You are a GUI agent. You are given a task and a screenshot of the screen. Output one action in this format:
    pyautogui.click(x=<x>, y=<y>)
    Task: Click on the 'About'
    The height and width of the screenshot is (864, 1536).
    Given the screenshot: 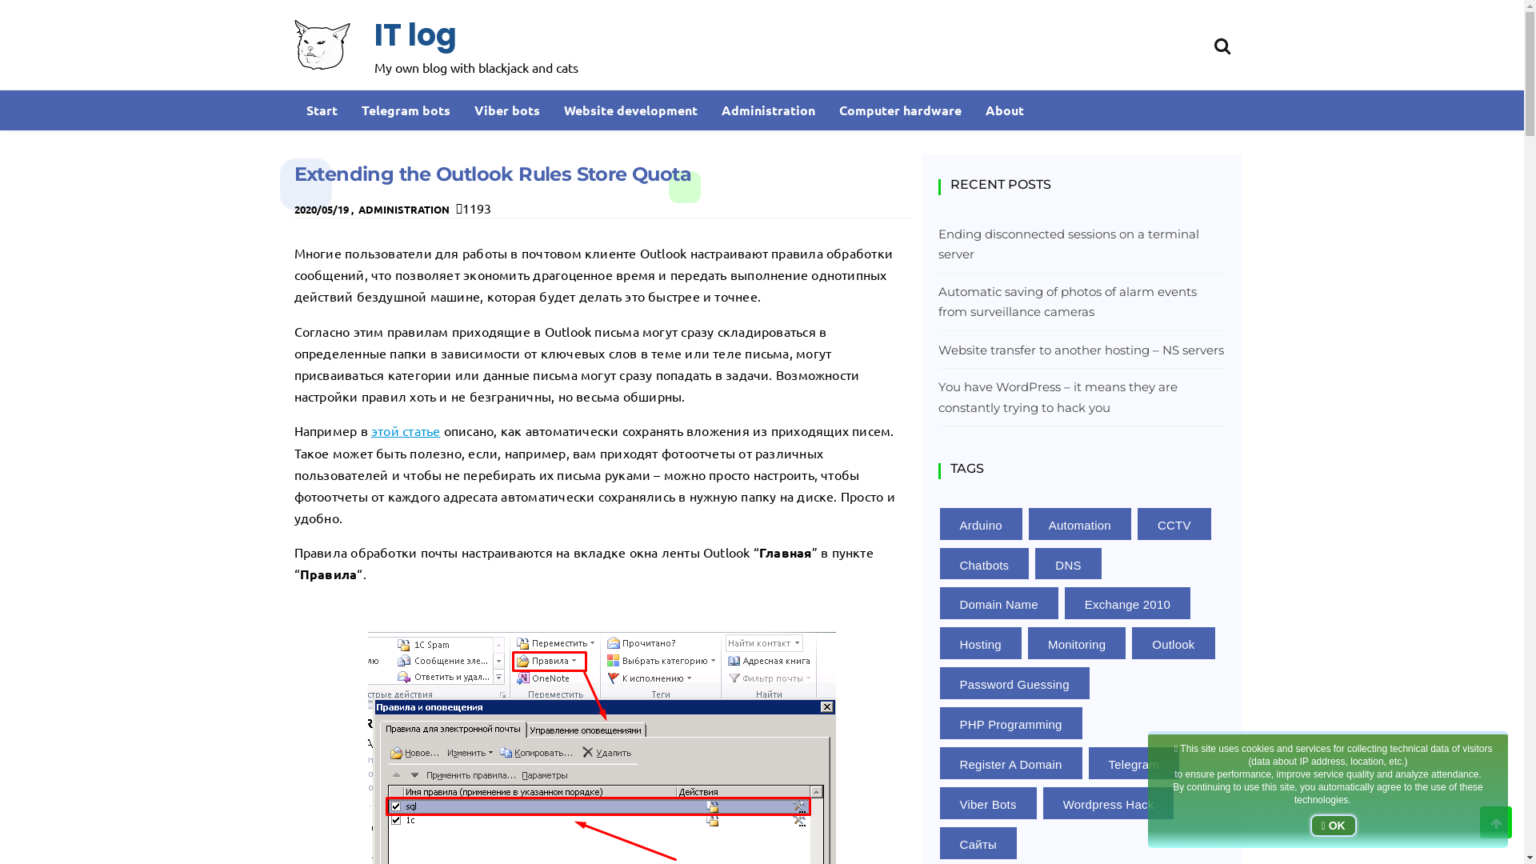 What is the action you would take?
    pyautogui.click(x=971, y=110)
    